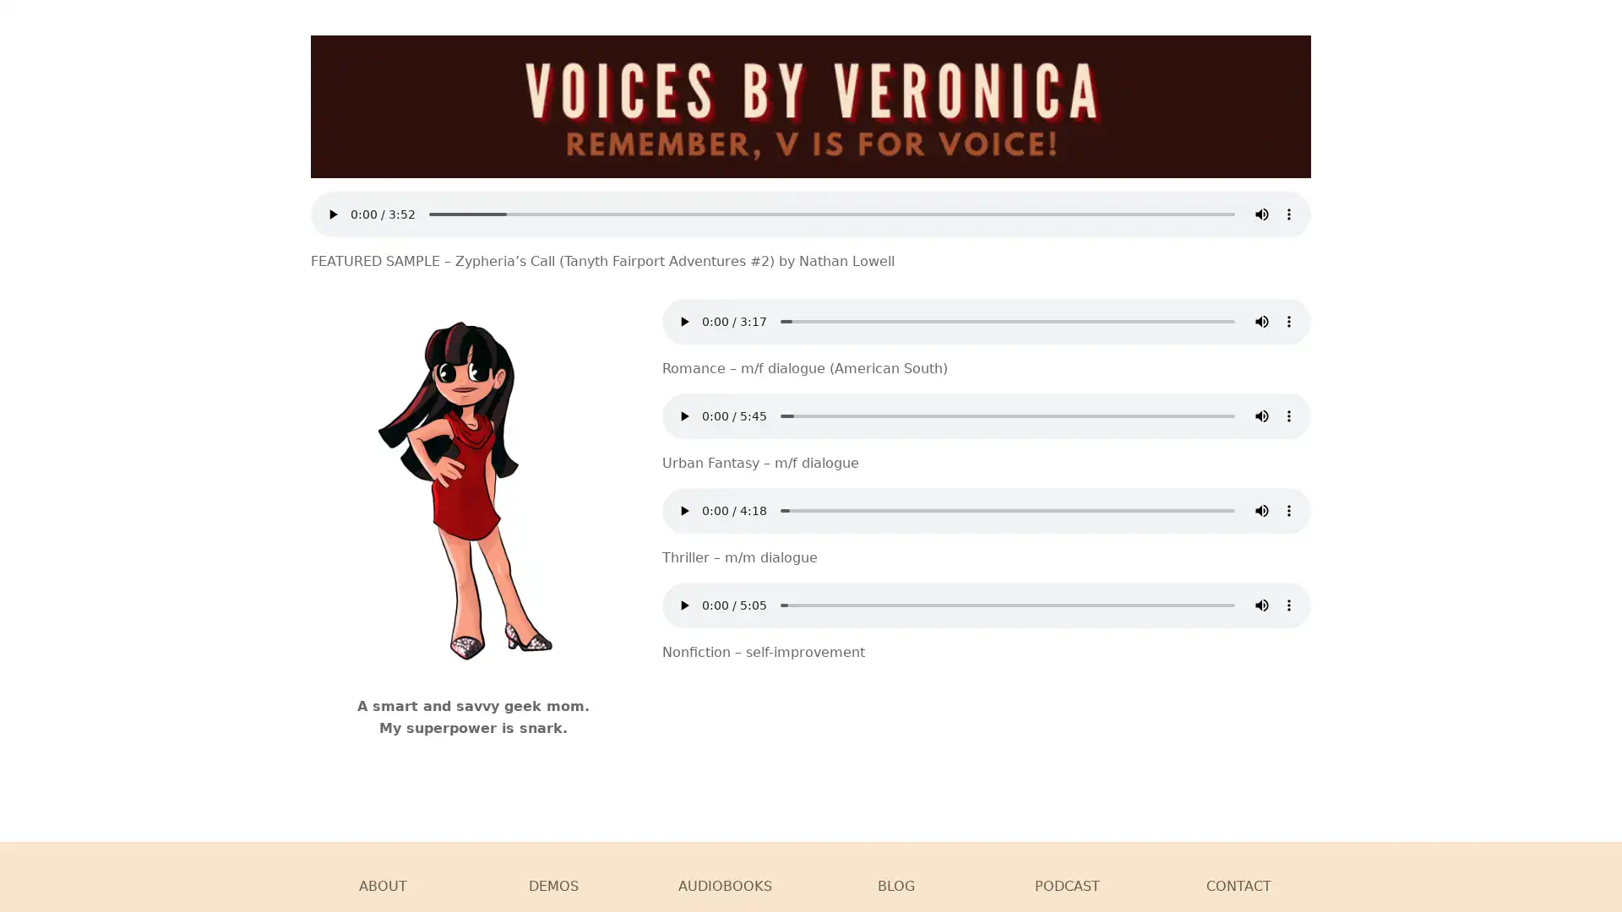 The width and height of the screenshot is (1622, 912). Describe the element at coordinates (684, 416) in the screenshot. I see `play` at that location.